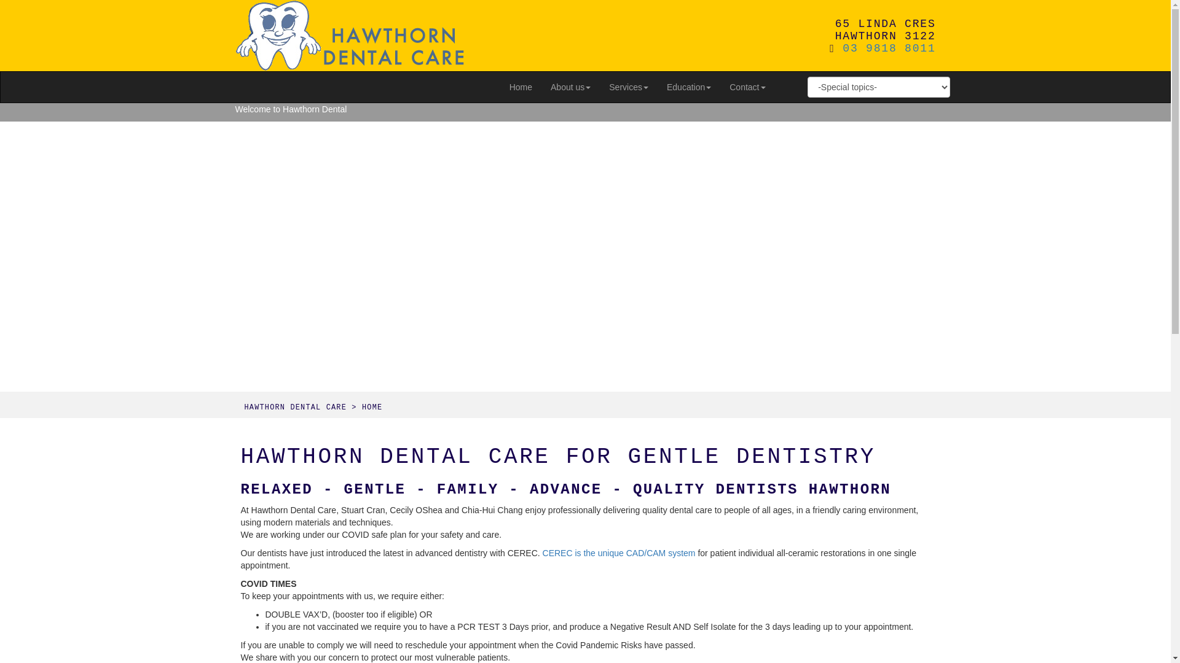  What do you see at coordinates (521, 87) in the screenshot?
I see `'Home'` at bounding box center [521, 87].